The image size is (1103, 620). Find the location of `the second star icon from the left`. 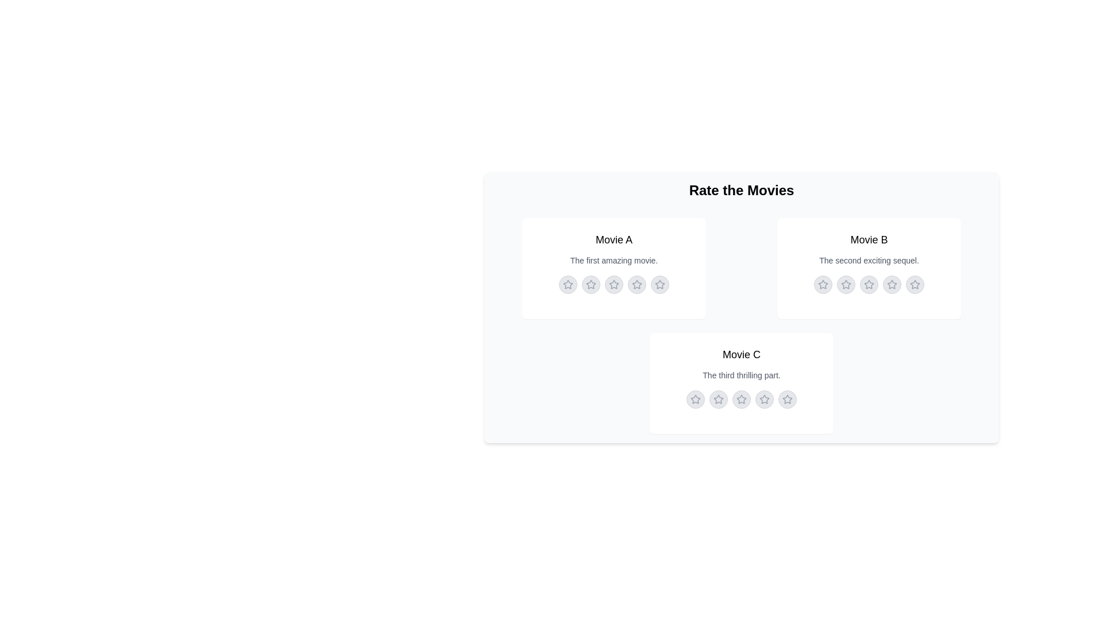

the second star icon from the left is located at coordinates (717, 398).